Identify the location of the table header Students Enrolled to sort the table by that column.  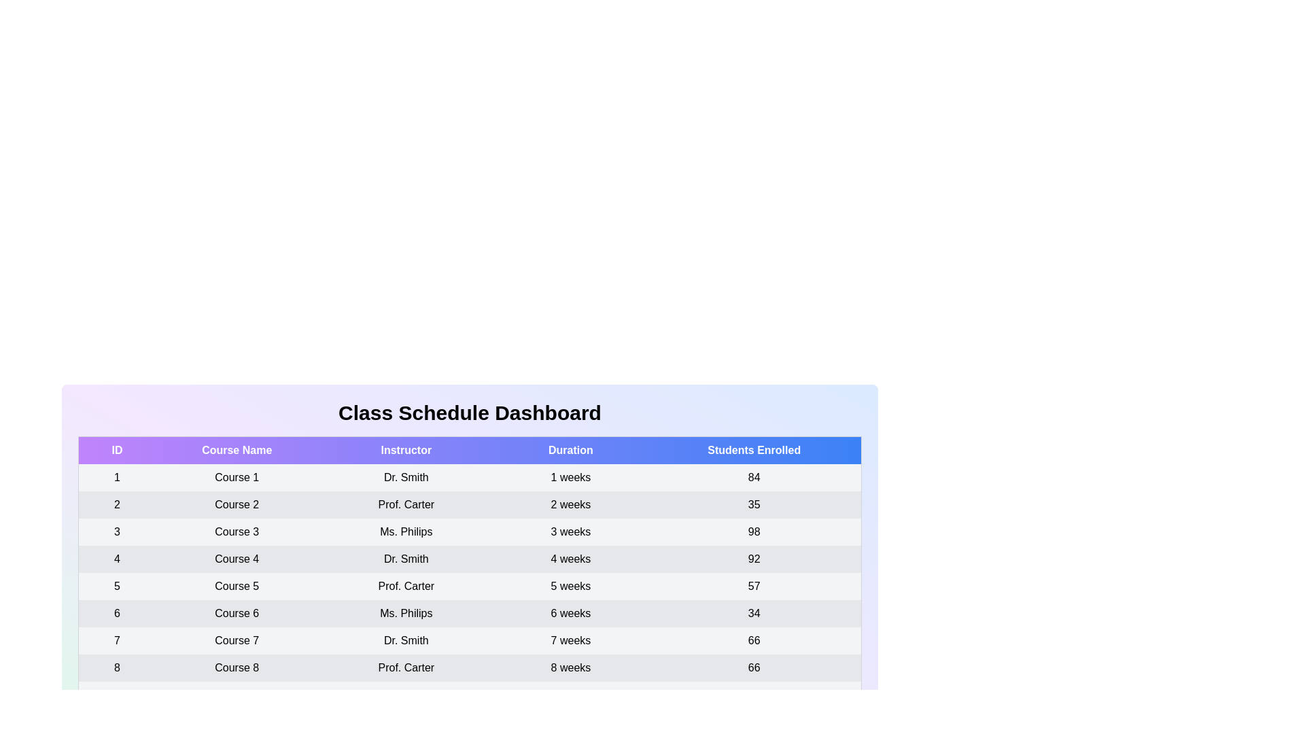
(753, 450).